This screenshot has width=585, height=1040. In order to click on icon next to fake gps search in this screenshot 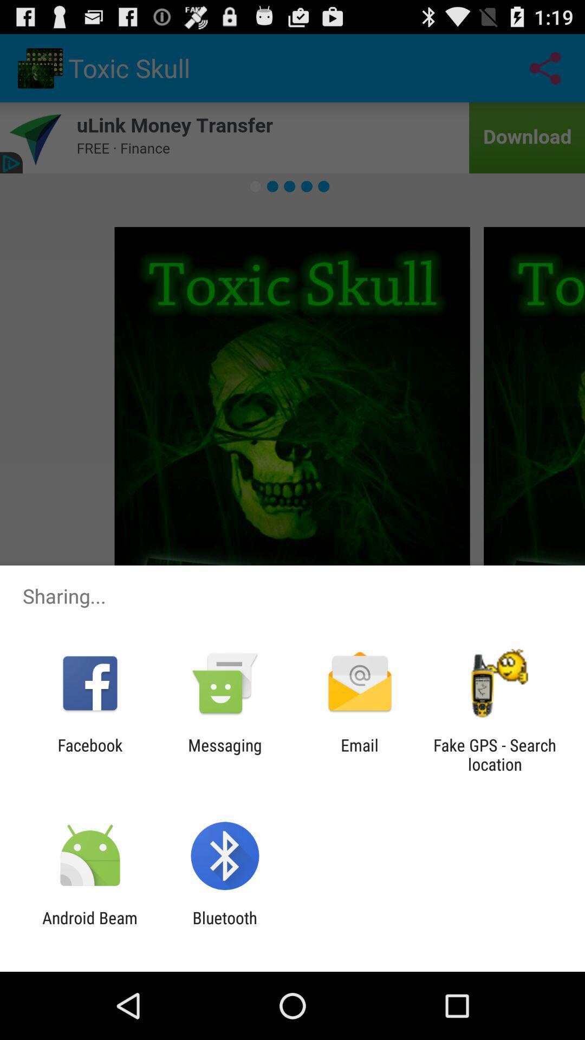, I will do `click(360, 754)`.